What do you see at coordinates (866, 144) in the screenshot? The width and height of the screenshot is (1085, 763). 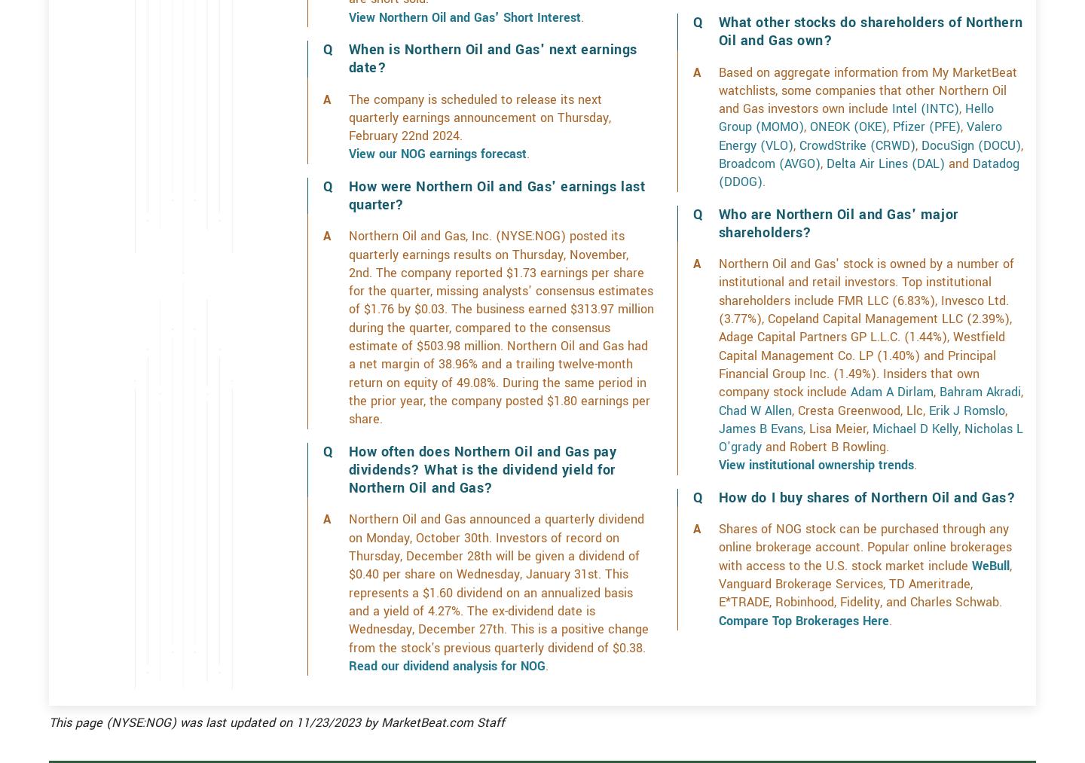 I see `'Based on aggregate information from My MarketBeat watchlists, some companies that other Northern Oil and Gas investors own include'` at bounding box center [866, 144].